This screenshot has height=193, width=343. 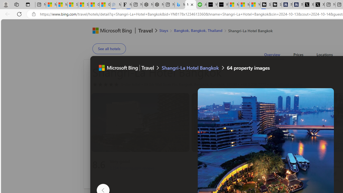 I want to click on 'Accounting Software for Accountants, CPAs and Bookkeepers', so click(x=201, y=5).